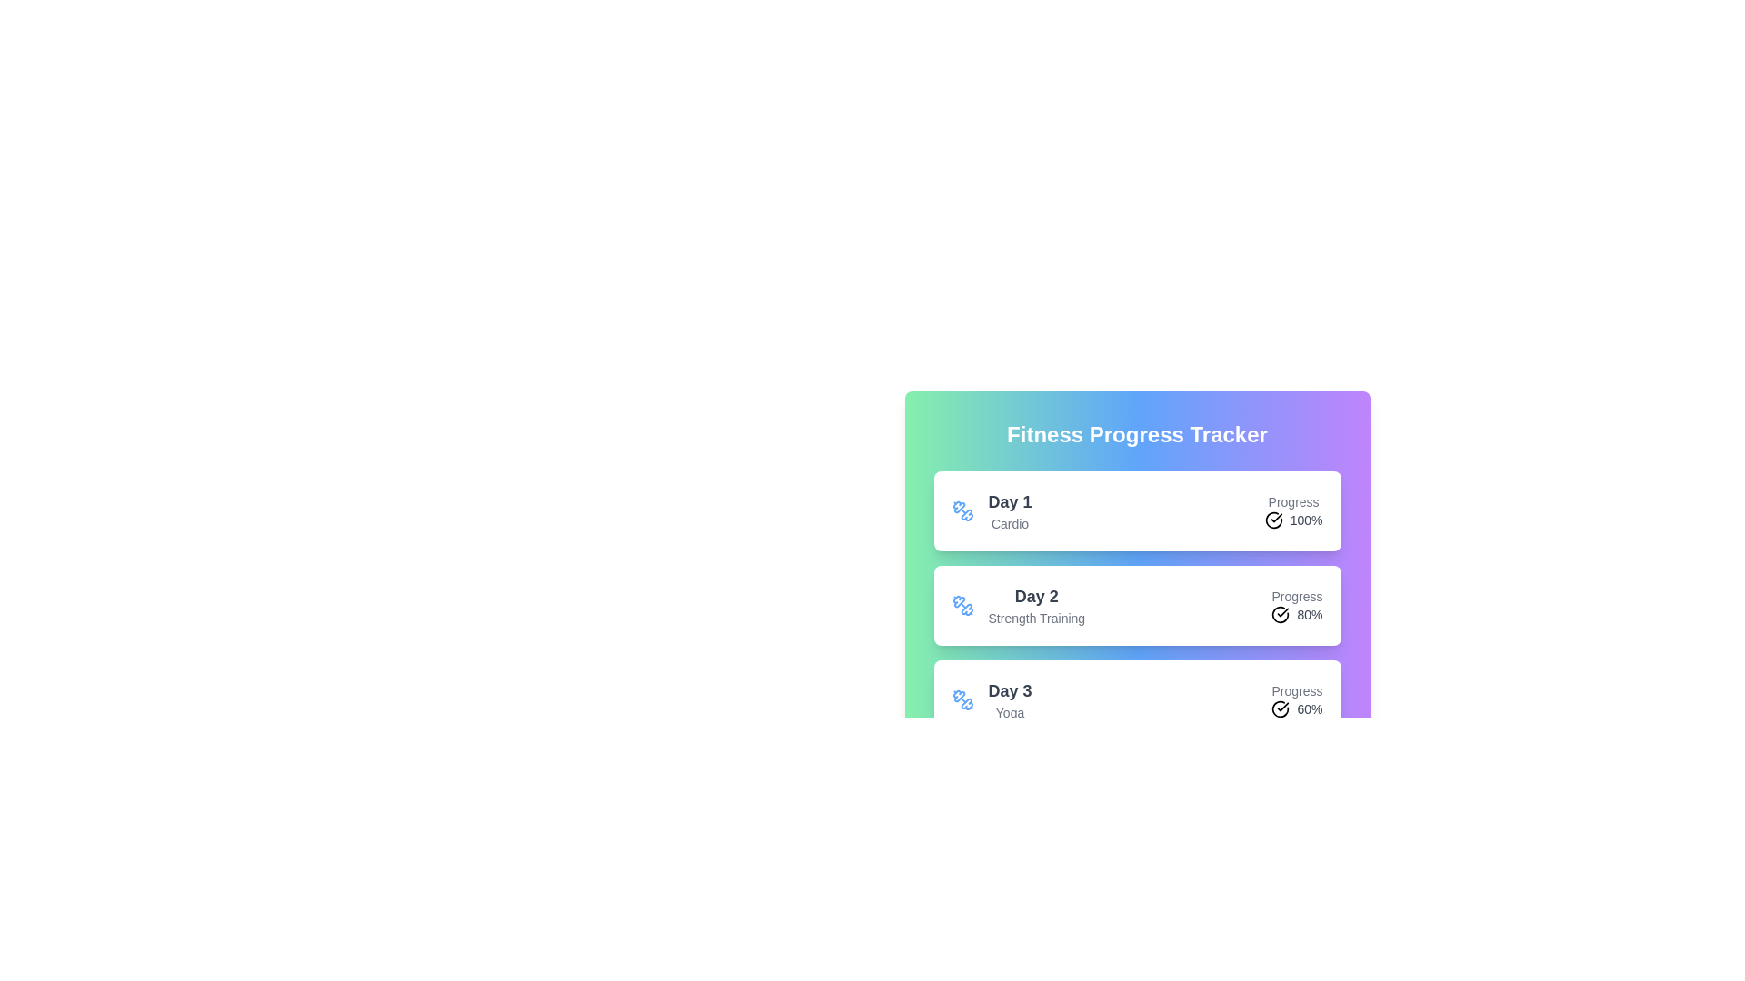 The width and height of the screenshot is (1745, 981). Describe the element at coordinates (1292, 511) in the screenshot. I see `the progress indicator for Day 1` at that location.